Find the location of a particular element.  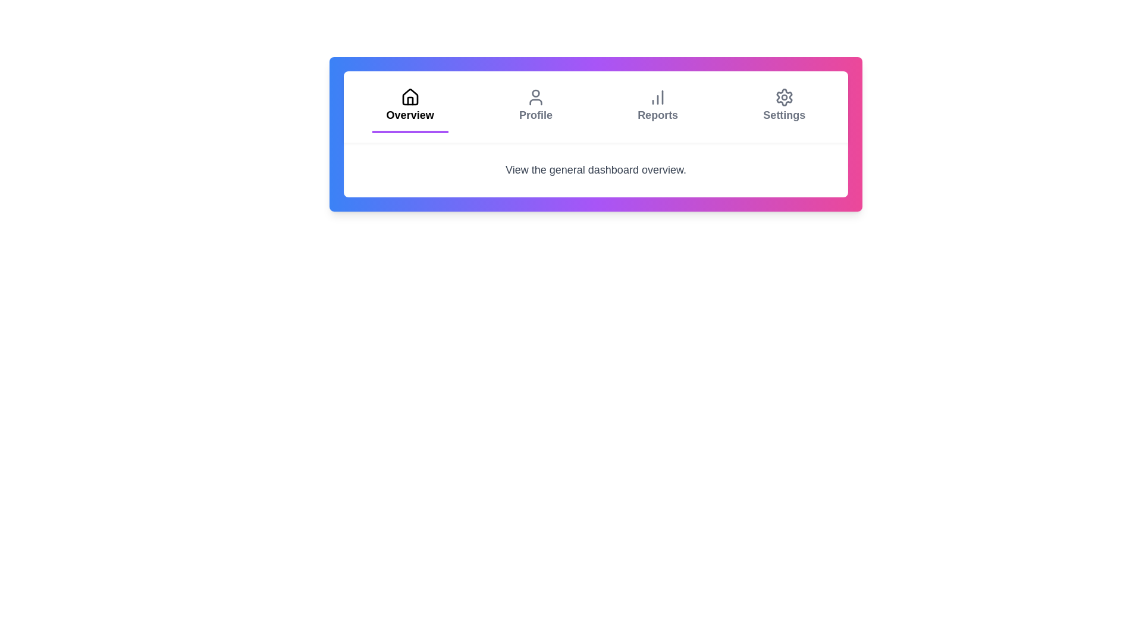

the first navigation tab button is located at coordinates (410, 107).